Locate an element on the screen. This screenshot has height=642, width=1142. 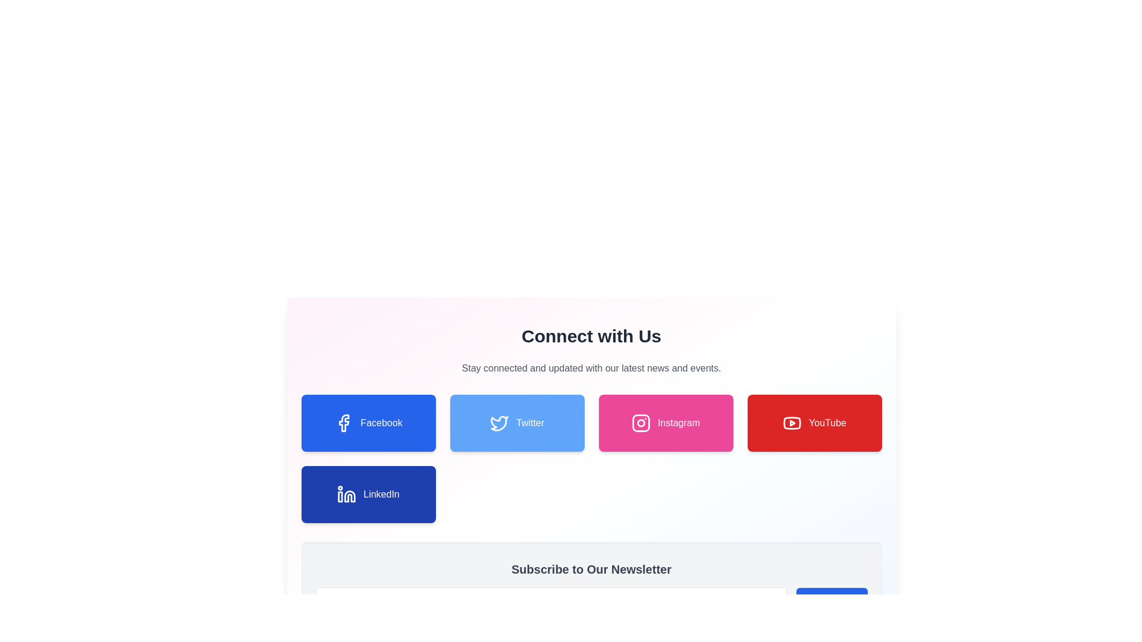
the 'Twitter' text label, which is displayed in white font on a blue background, located in the 'Connect with Us' section between the 'Facebook' and 'Instagram' buttons is located at coordinates (529, 423).